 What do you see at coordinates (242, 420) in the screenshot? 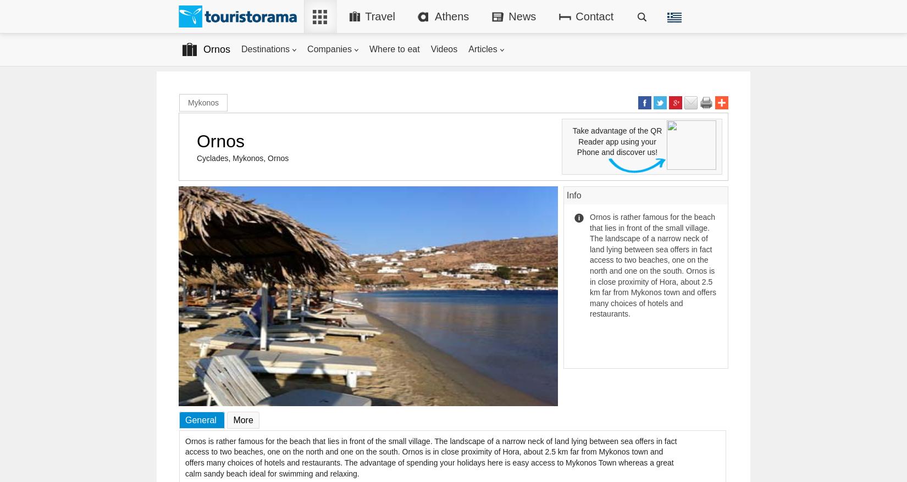
I see `'More'` at bounding box center [242, 420].